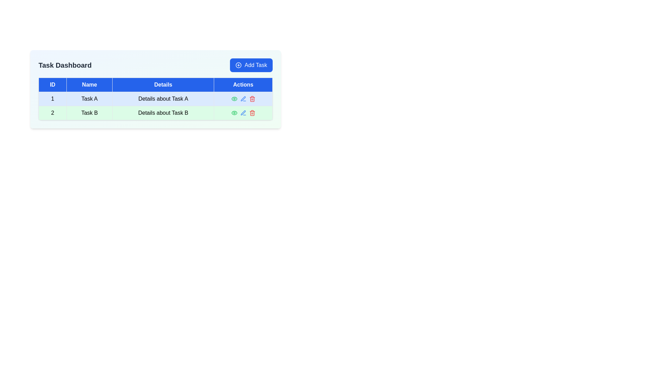 The width and height of the screenshot is (661, 371). What do you see at coordinates (234, 99) in the screenshot?
I see `the Eye icon in the Actions column of the second row of the table` at bounding box center [234, 99].